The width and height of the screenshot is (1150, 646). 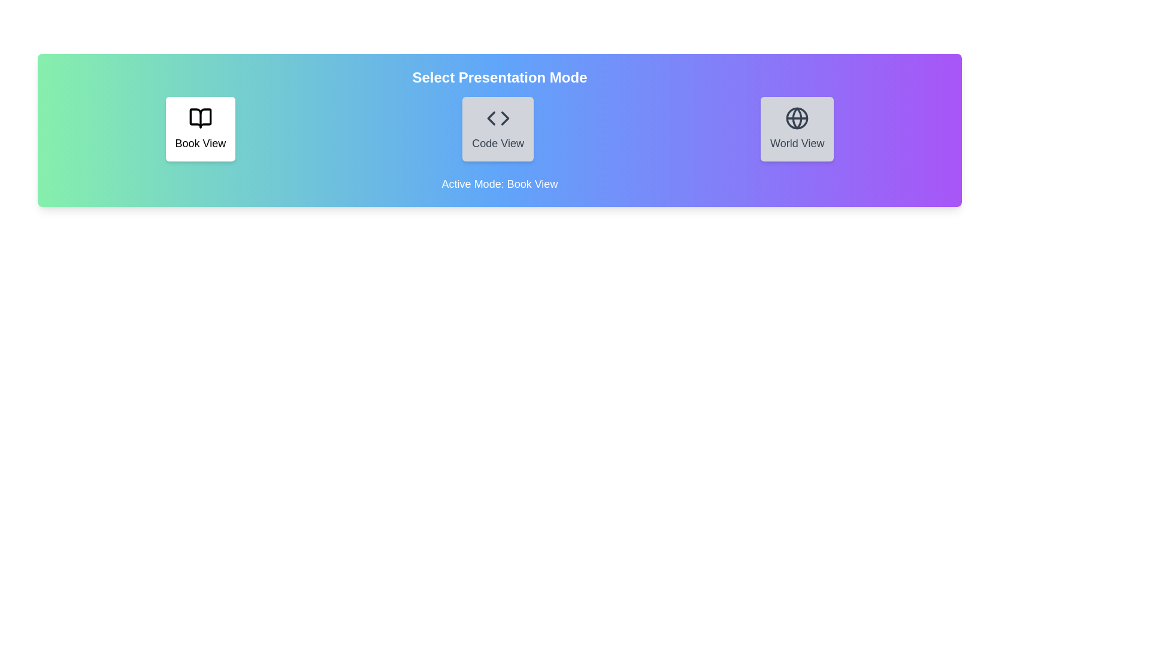 I want to click on the Code View button to interact with its visual layout, so click(x=498, y=129).